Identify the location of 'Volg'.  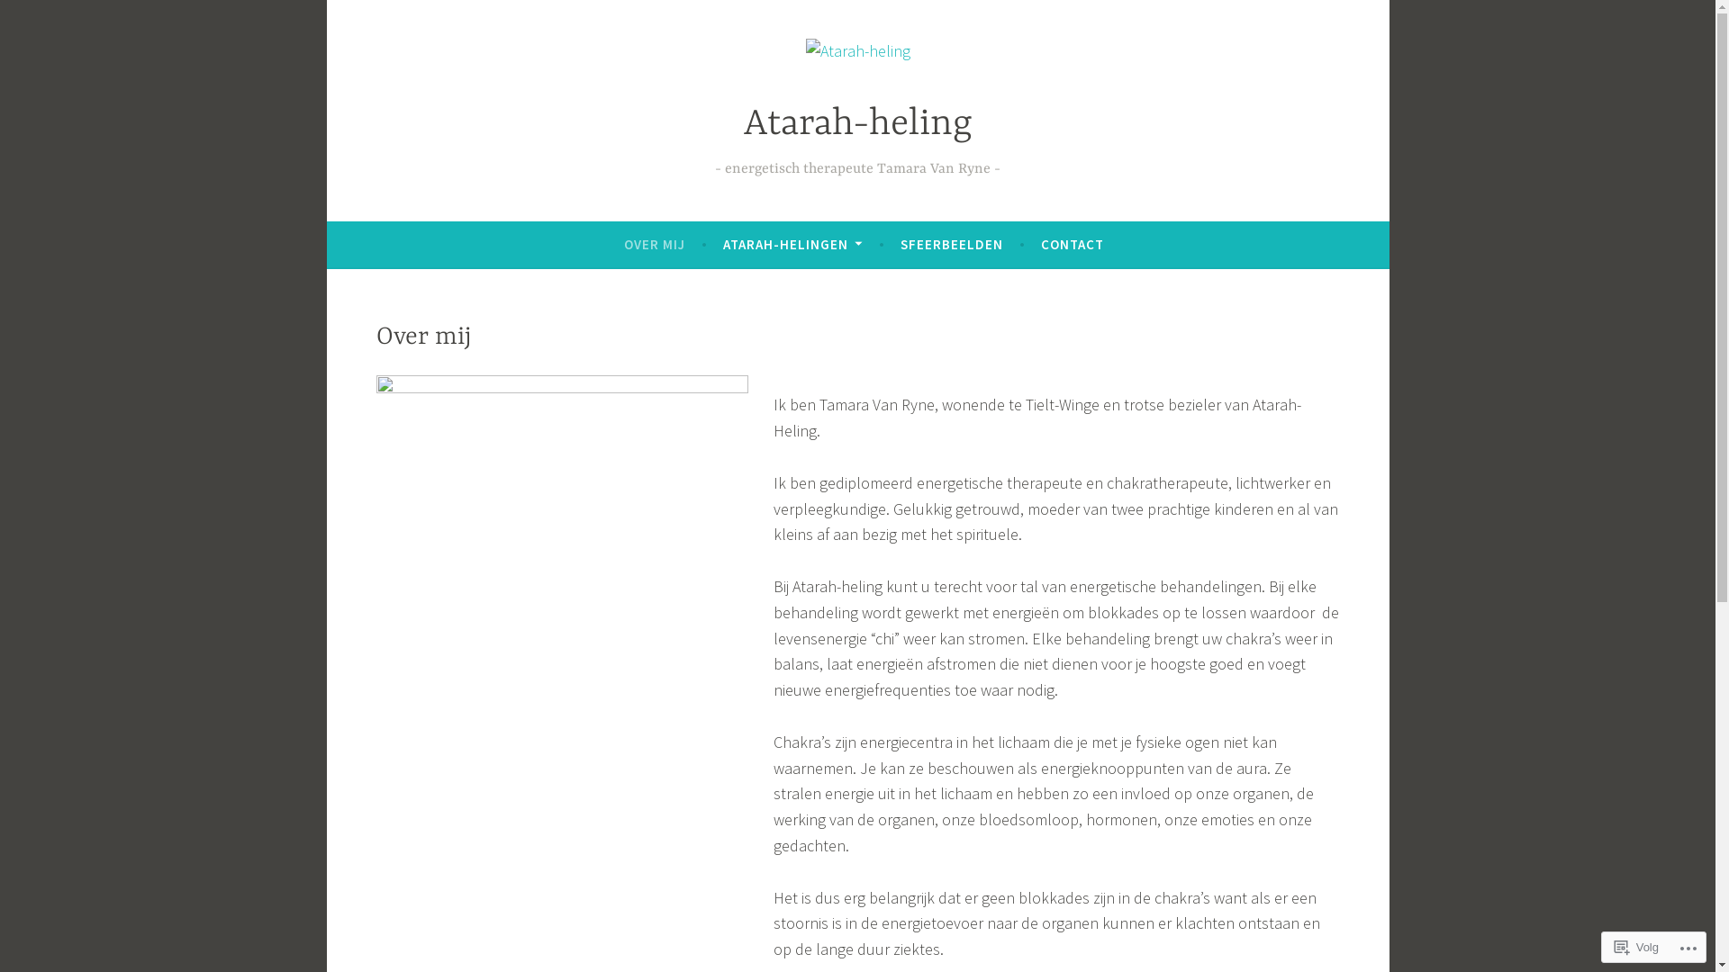
(1636, 946).